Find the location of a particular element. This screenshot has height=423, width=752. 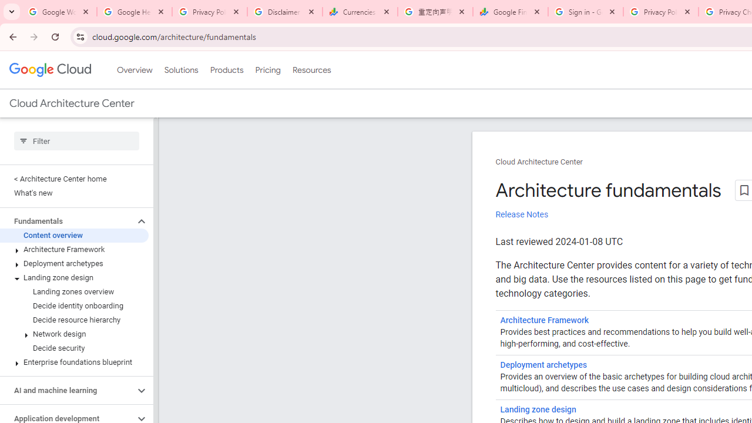

'Pricing' is located at coordinates (267, 70).